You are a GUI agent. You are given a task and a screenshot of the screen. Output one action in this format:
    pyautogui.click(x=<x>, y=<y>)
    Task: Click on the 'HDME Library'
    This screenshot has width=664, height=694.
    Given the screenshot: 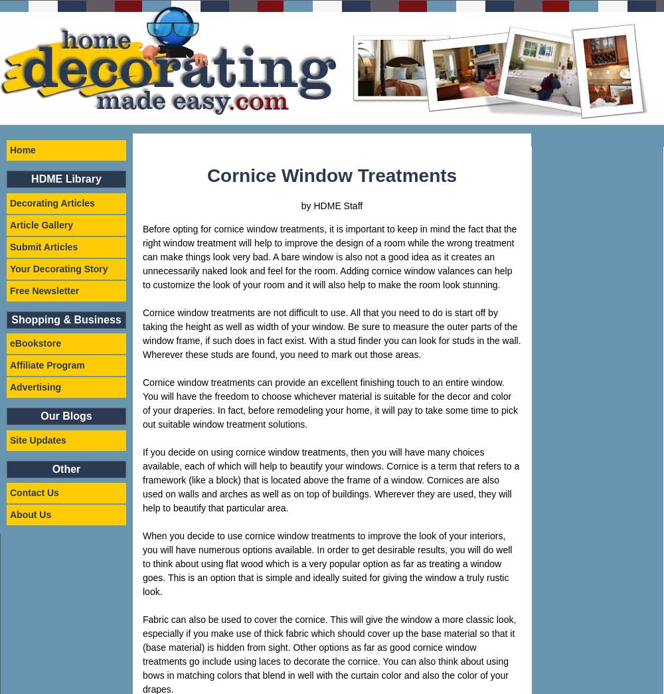 What is the action you would take?
    pyautogui.click(x=65, y=178)
    